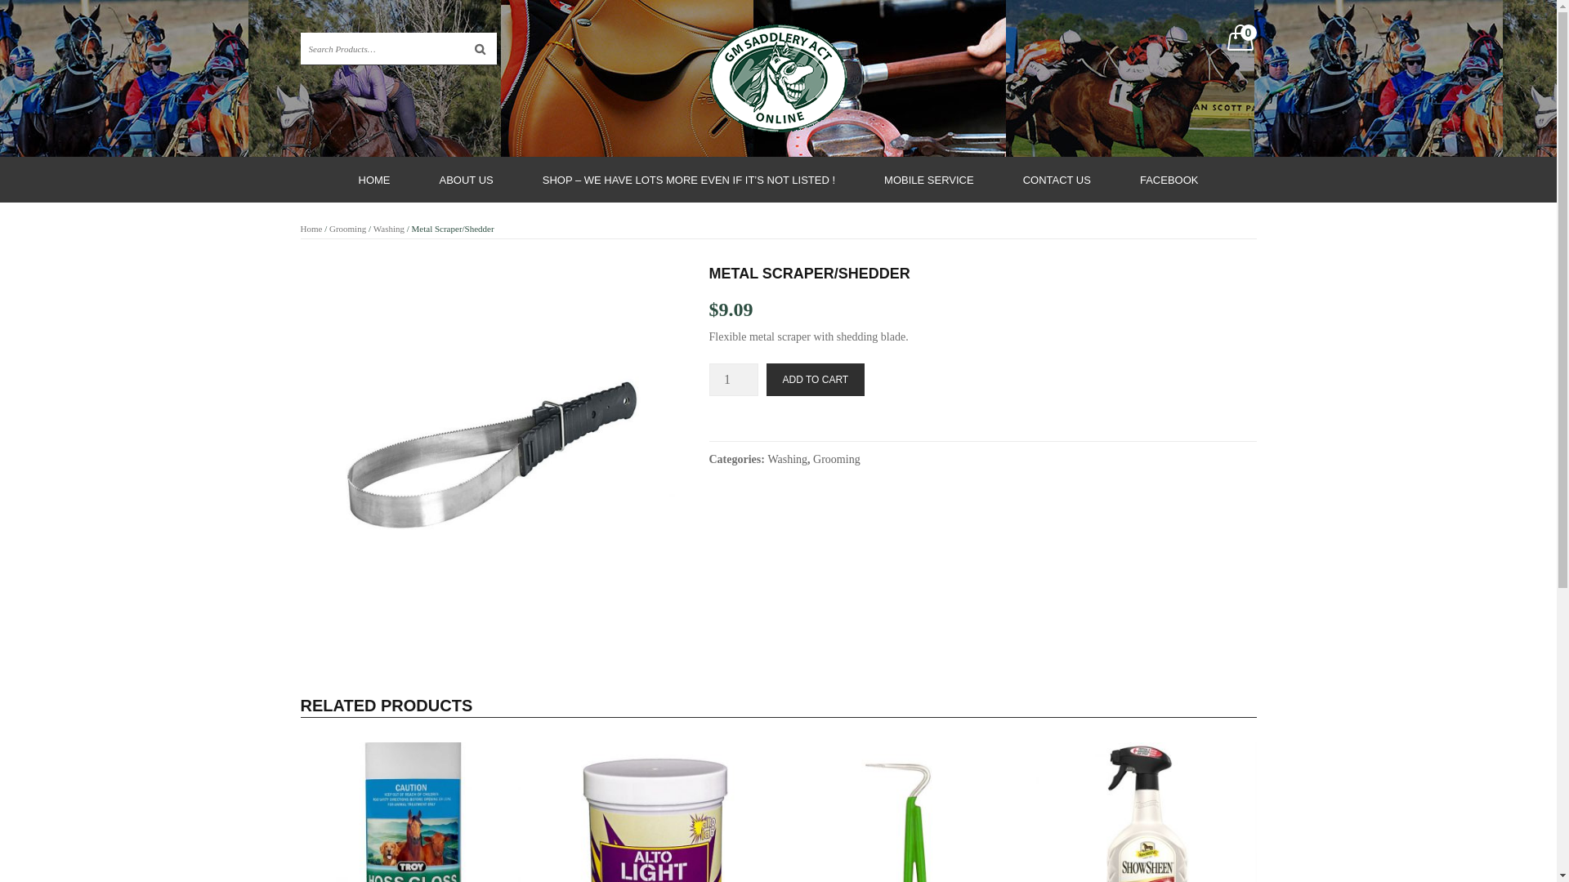  What do you see at coordinates (301, 48) in the screenshot?
I see `'Search for:'` at bounding box center [301, 48].